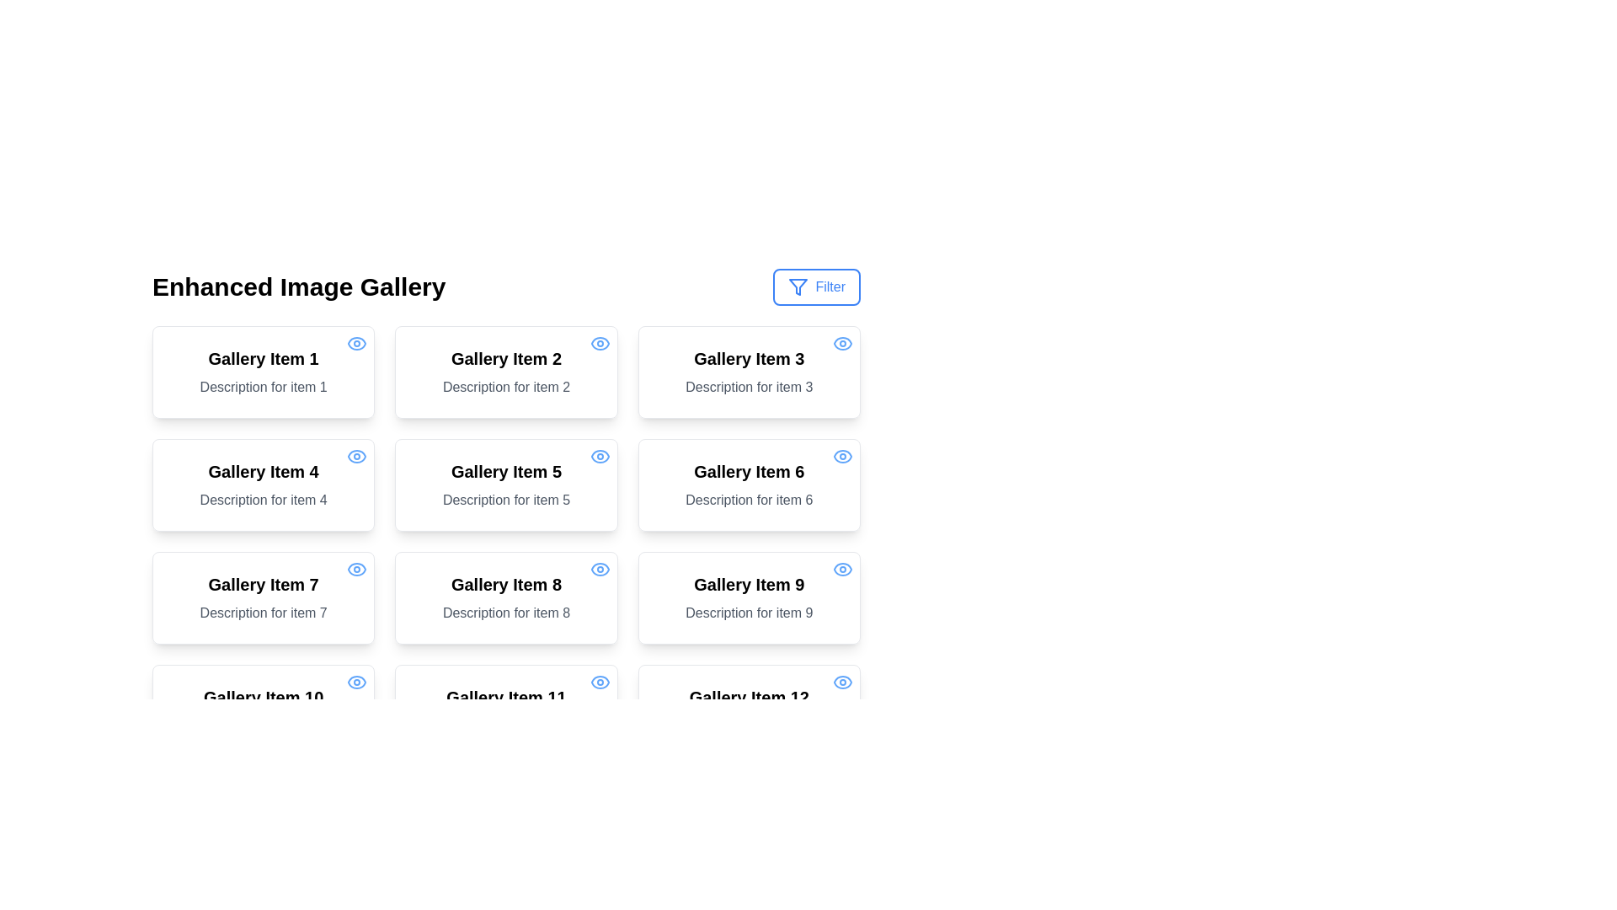 The width and height of the screenshot is (1617, 910). I want to click on the eye icon located at the top-right corner of the gallery card labeled 'Gallery Item 9', so click(843, 569).